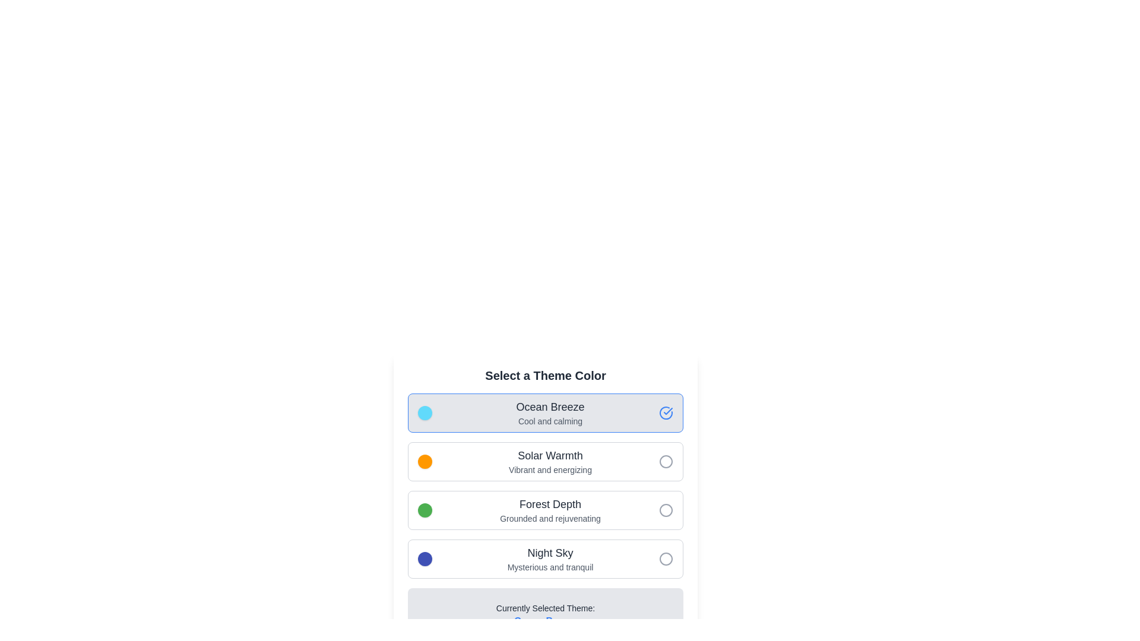  I want to click on the 'Solar Warmth' selection button, so click(544, 461).